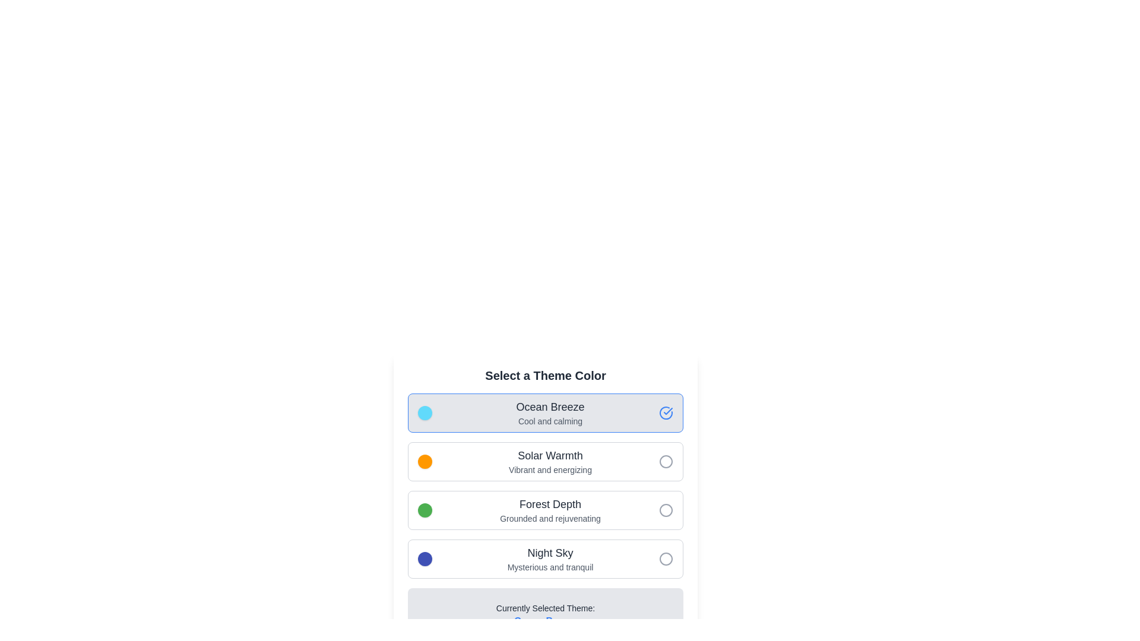  I want to click on the 'Solar Warmth' selection button, so click(544, 461).